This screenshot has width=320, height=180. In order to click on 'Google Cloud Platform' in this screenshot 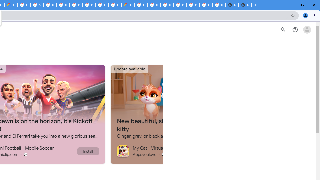, I will do `click(101, 5)`.